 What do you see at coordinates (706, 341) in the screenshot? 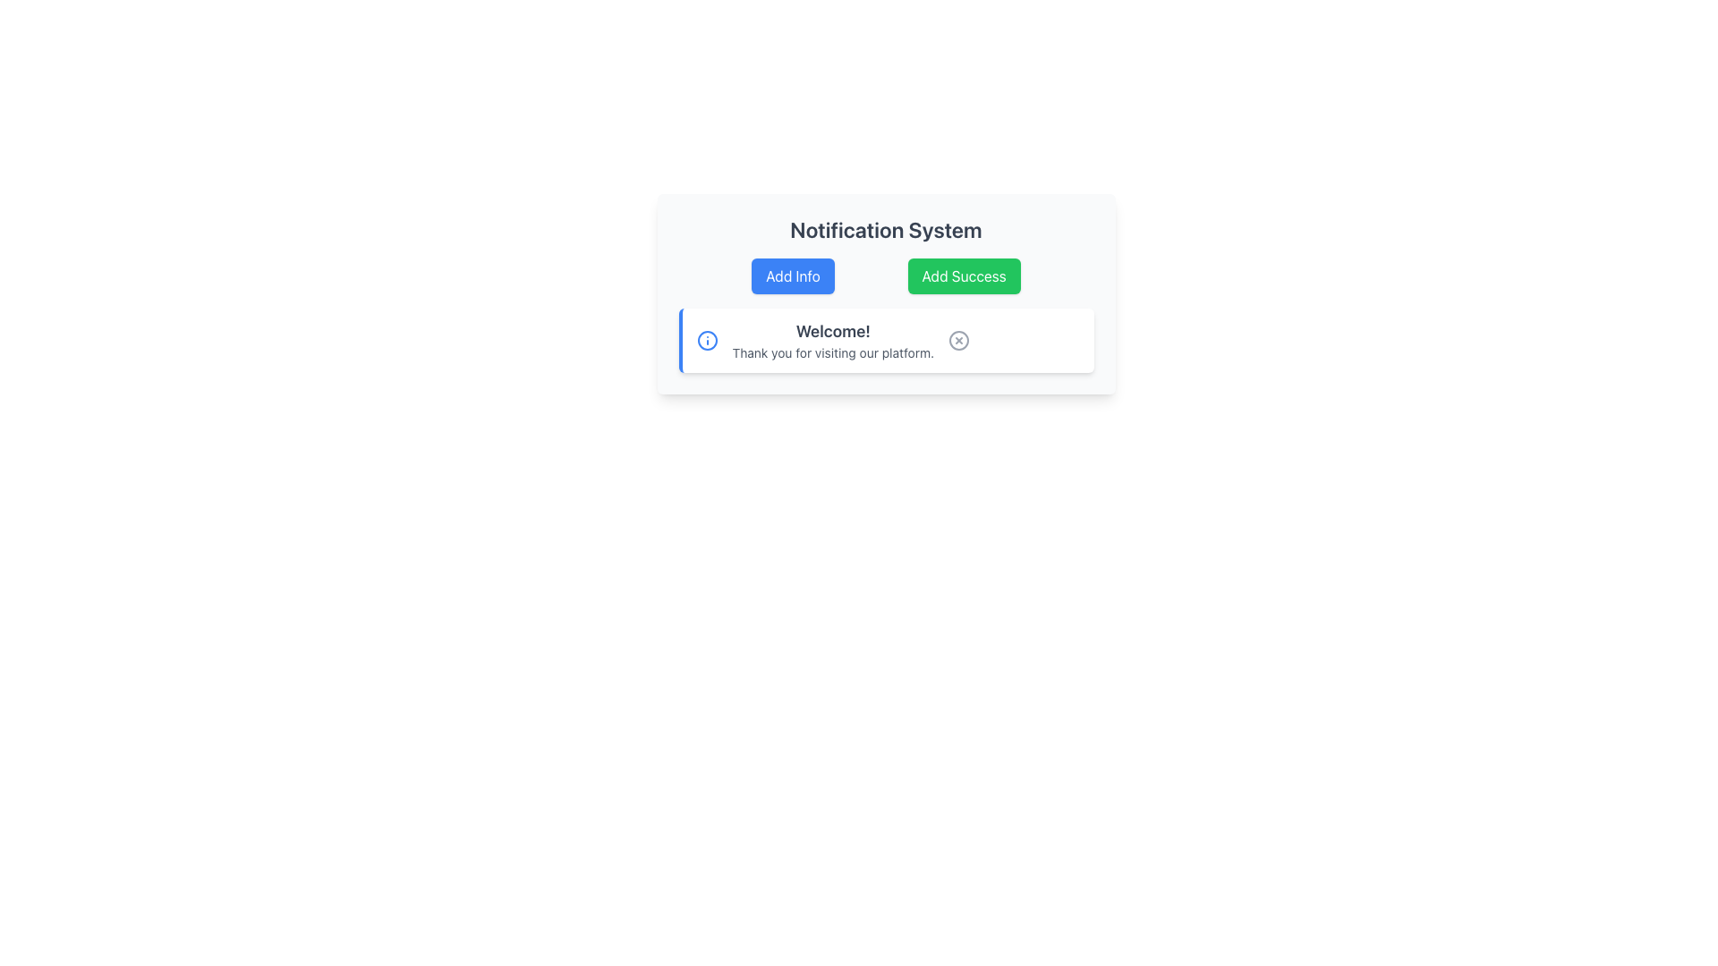
I see `the blue-outlined circular SVG icon located at the leftmost edge of the notification bar before the text 'Welcome!'` at bounding box center [706, 341].